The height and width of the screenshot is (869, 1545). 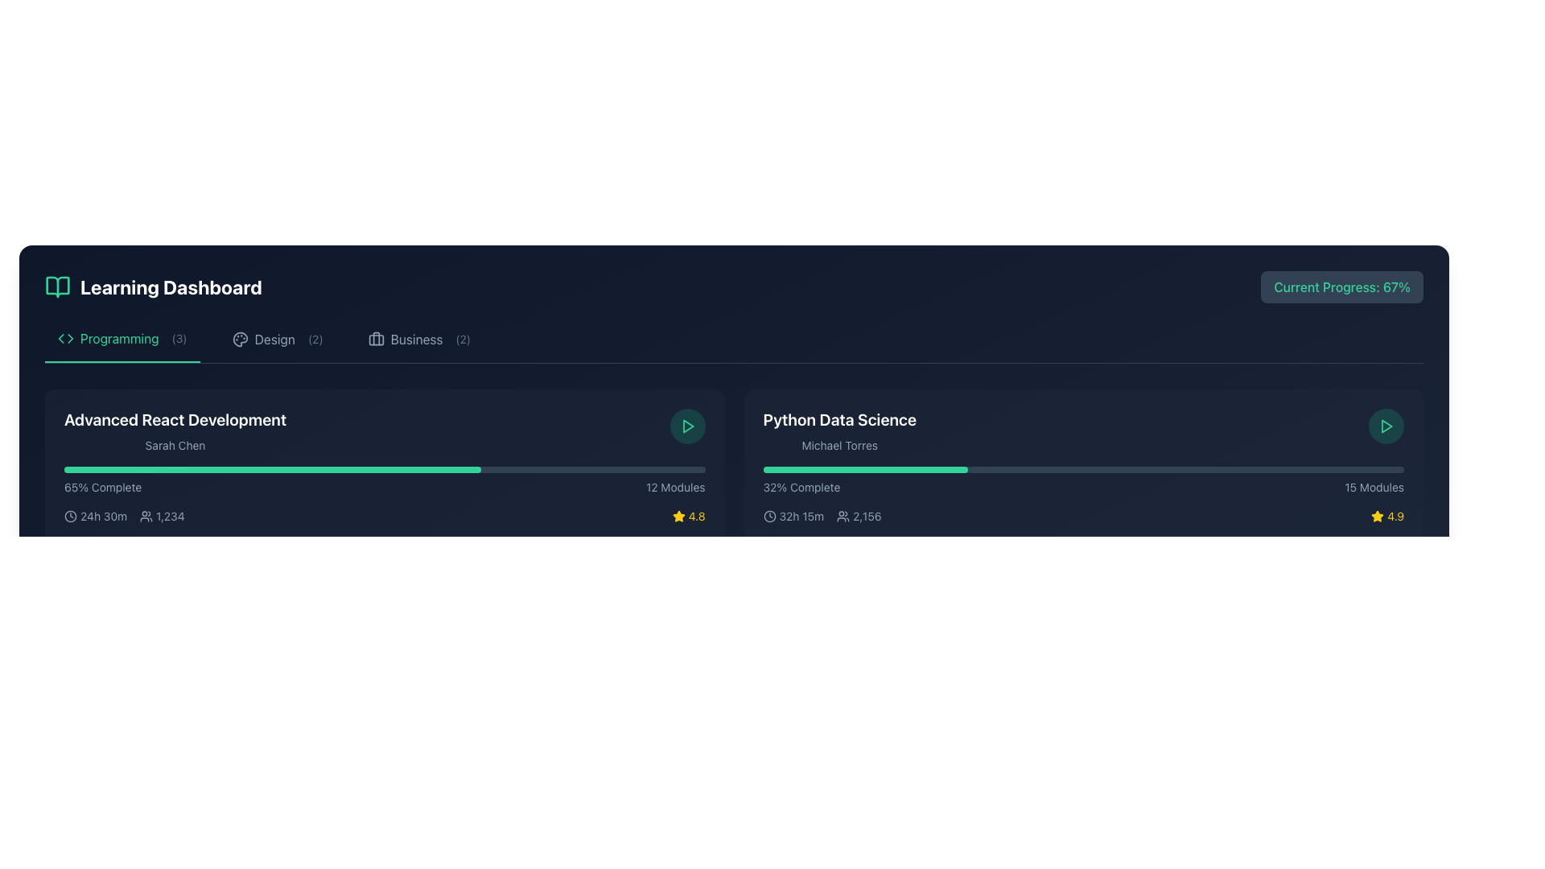 I want to click on the static text label displaying '65% Complete' in light gray font, located near the progress bar and to the left of '12 Modules', so click(x=102, y=486).